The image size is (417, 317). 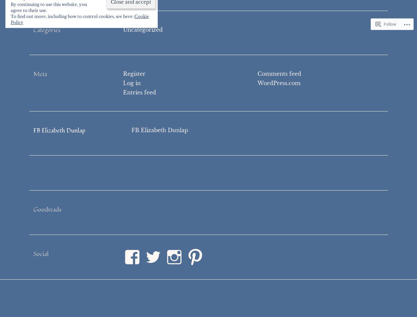 What do you see at coordinates (40, 74) in the screenshot?
I see `'Meta'` at bounding box center [40, 74].